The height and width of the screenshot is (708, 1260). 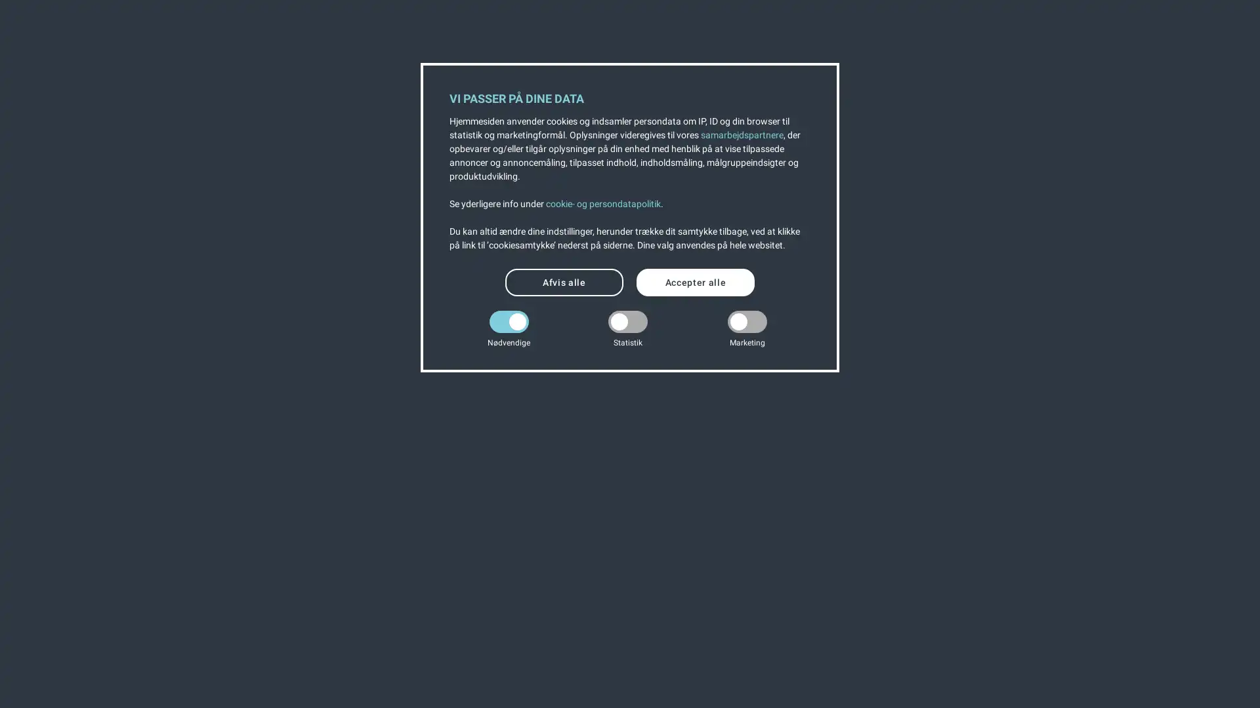 I want to click on Accepter alle, so click(x=695, y=282).